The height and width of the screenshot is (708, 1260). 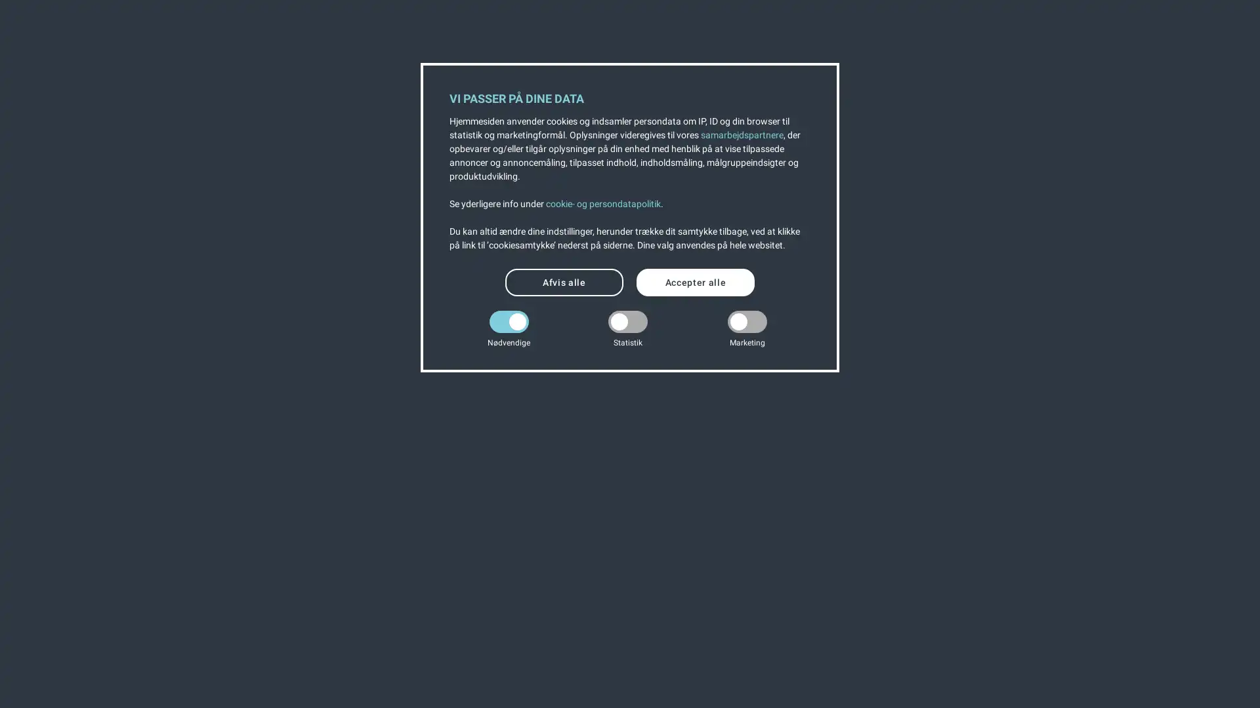 I want to click on Accepter alle, so click(x=695, y=282).